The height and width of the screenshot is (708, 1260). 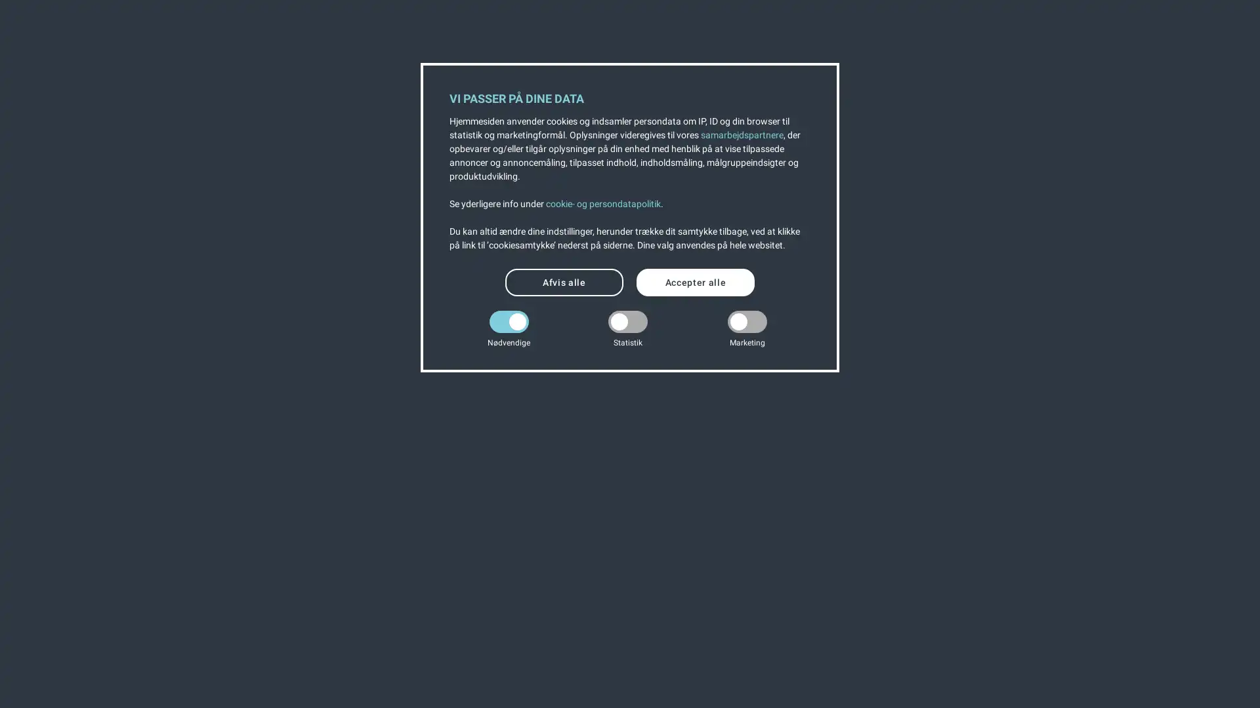 I want to click on Accepter alle, so click(x=695, y=282).